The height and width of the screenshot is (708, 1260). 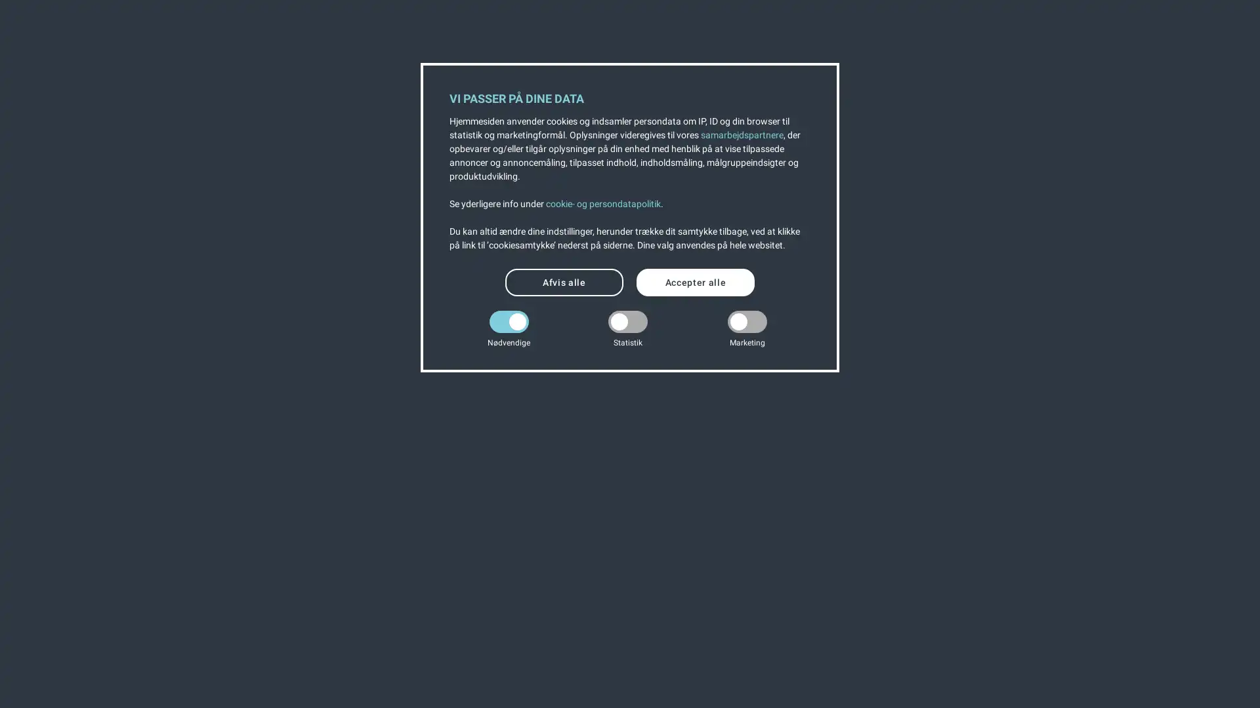 I want to click on Accepter alle, so click(x=695, y=282).